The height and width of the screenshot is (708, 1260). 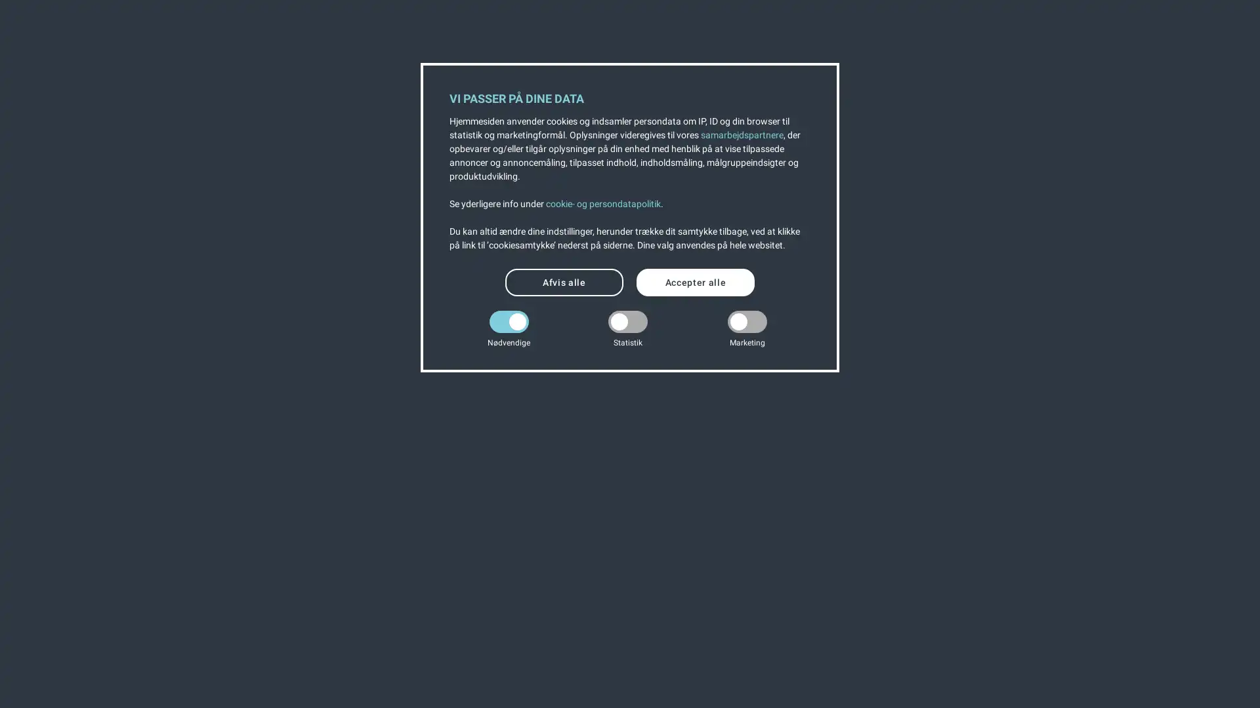 I want to click on Accepter alle, so click(x=695, y=282).